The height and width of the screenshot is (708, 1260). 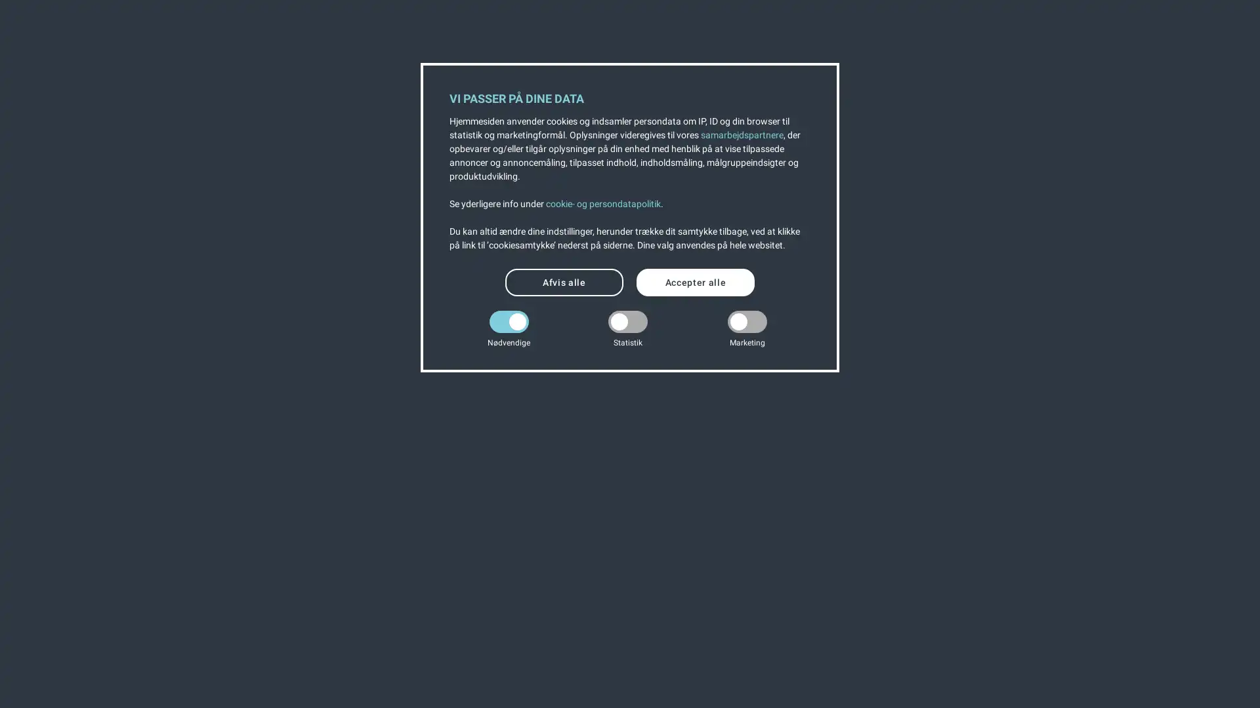 I want to click on Accepter alle, so click(x=695, y=282).